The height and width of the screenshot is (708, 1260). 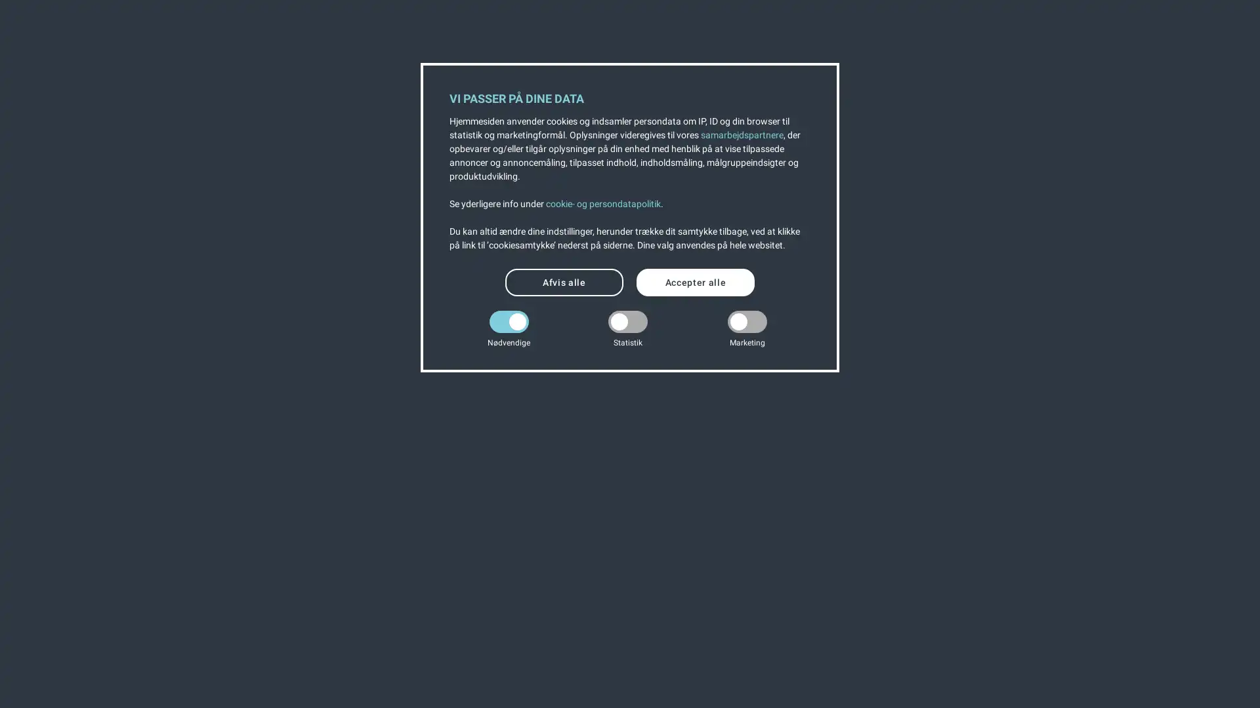 I want to click on Accepter alle, so click(x=695, y=282).